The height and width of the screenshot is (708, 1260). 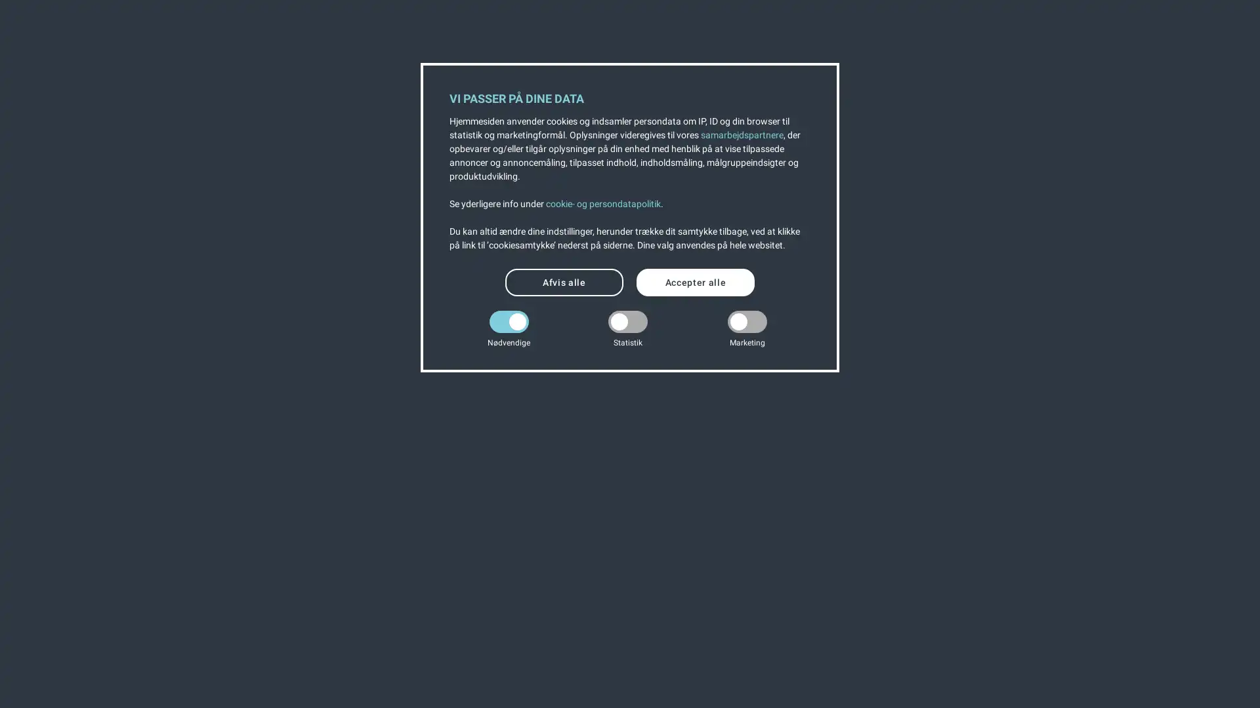 I want to click on Accepter alle, so click(x=695, y=282).